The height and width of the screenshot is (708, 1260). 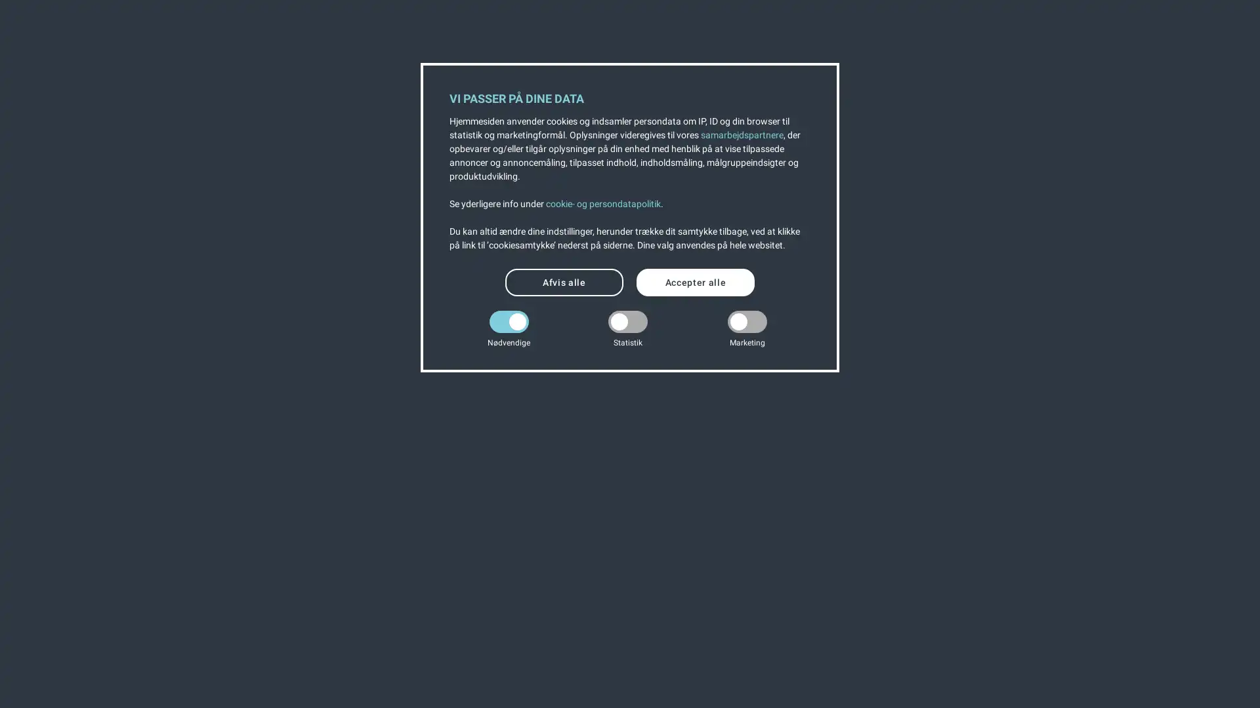 I want to click on Accepter alle, so click(x=695, y=282).